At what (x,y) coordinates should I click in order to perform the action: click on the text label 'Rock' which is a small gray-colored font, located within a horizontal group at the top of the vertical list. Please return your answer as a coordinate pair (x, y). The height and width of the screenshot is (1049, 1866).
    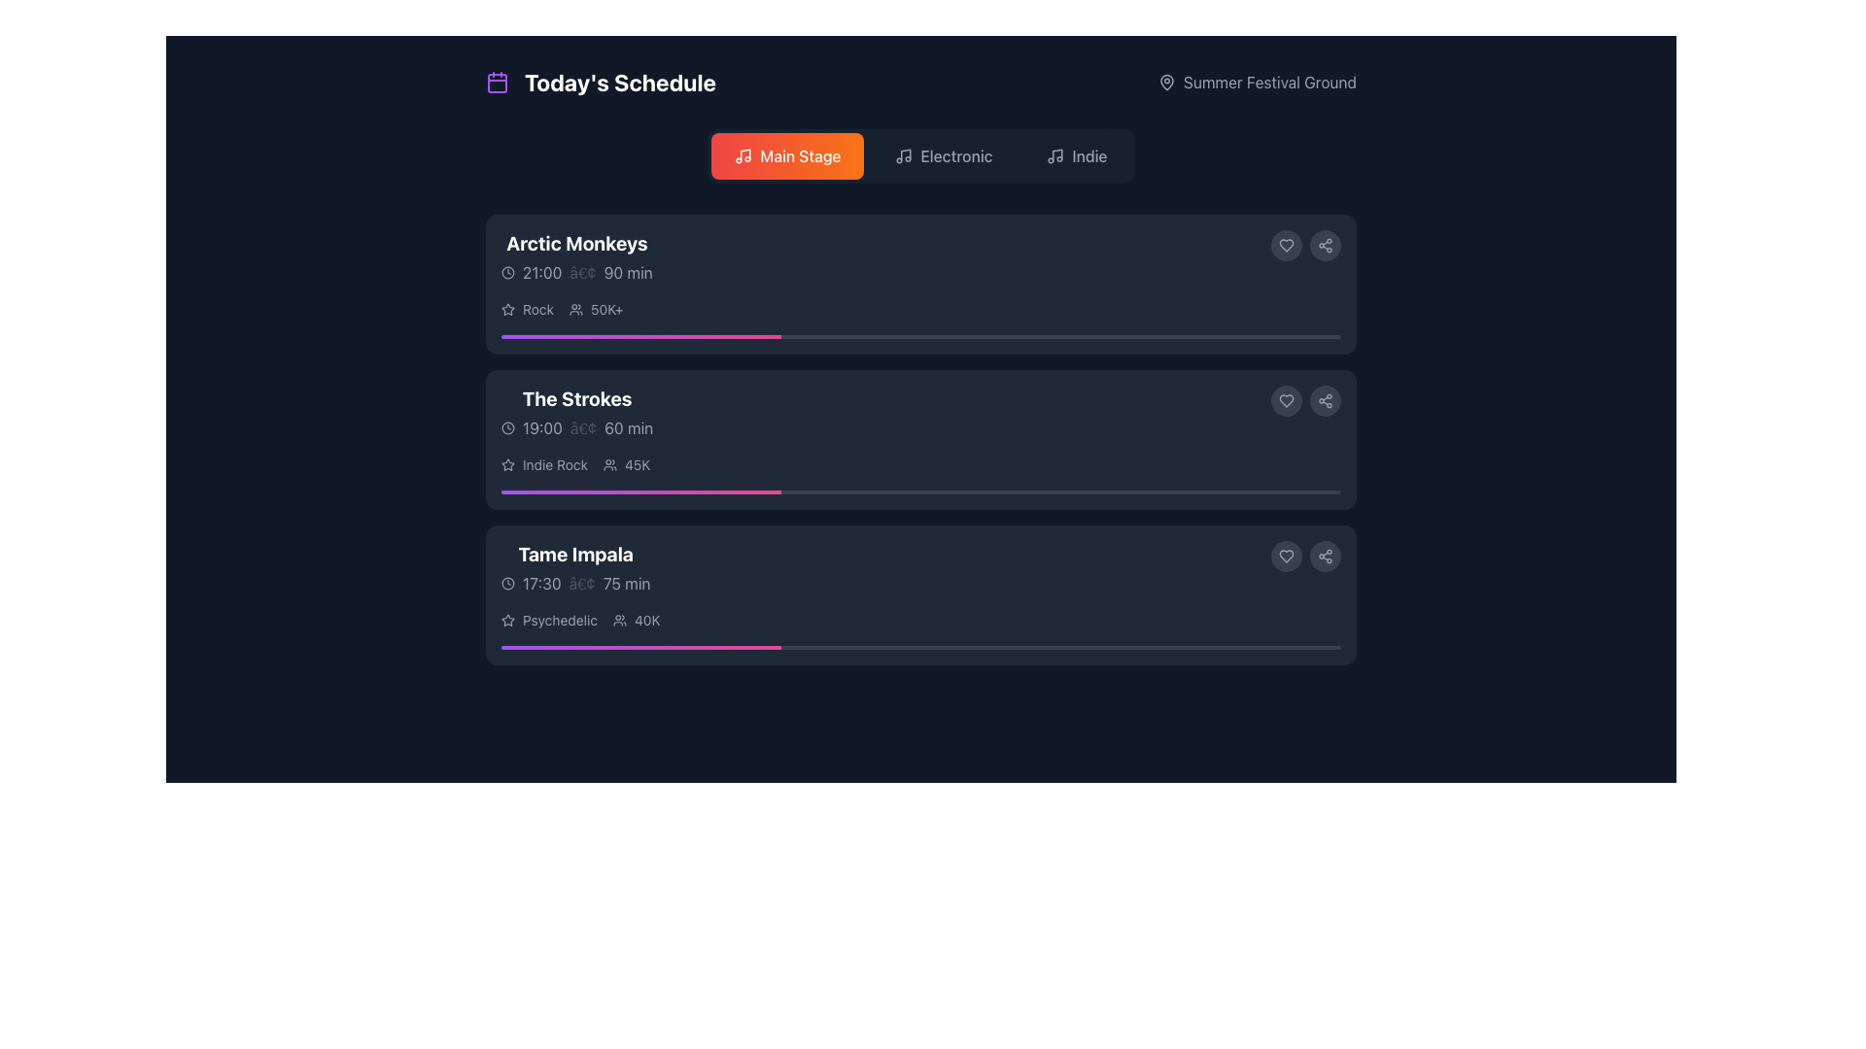
    Looking at the image, I should click on (527, 309).